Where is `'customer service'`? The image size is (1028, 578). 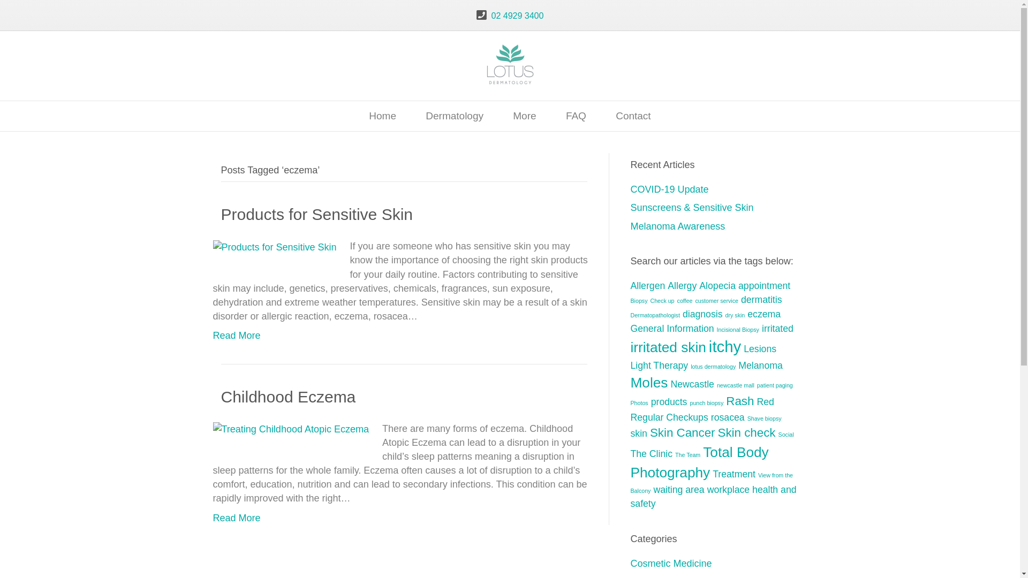 'customer service' is located at coordinates (716, 301).